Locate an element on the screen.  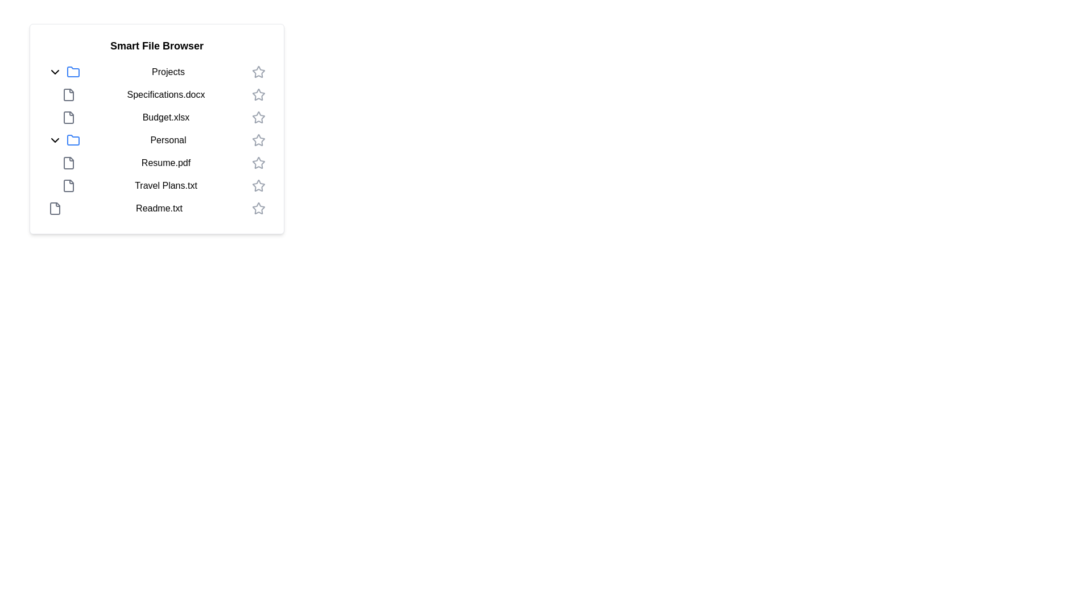
a file within the 'Projects' folder contents list is located at coordinates (156, 94).